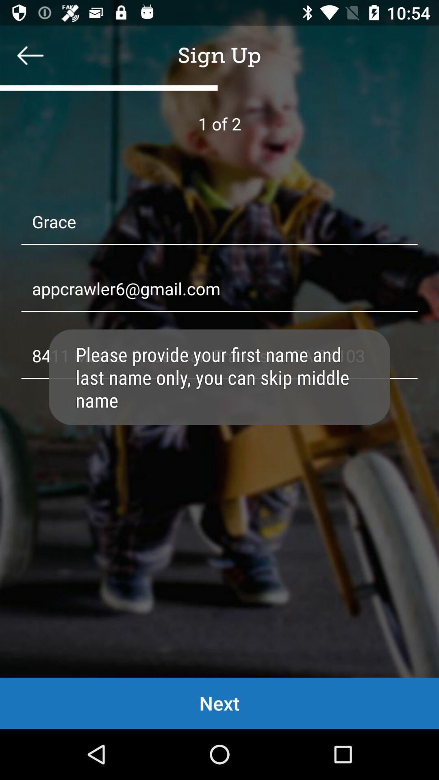 This screenshot has width=439, height=780. What do you see at coordinates (30, 55) in the screenshot?
I see `backword option` at bounding box center [30, 55].